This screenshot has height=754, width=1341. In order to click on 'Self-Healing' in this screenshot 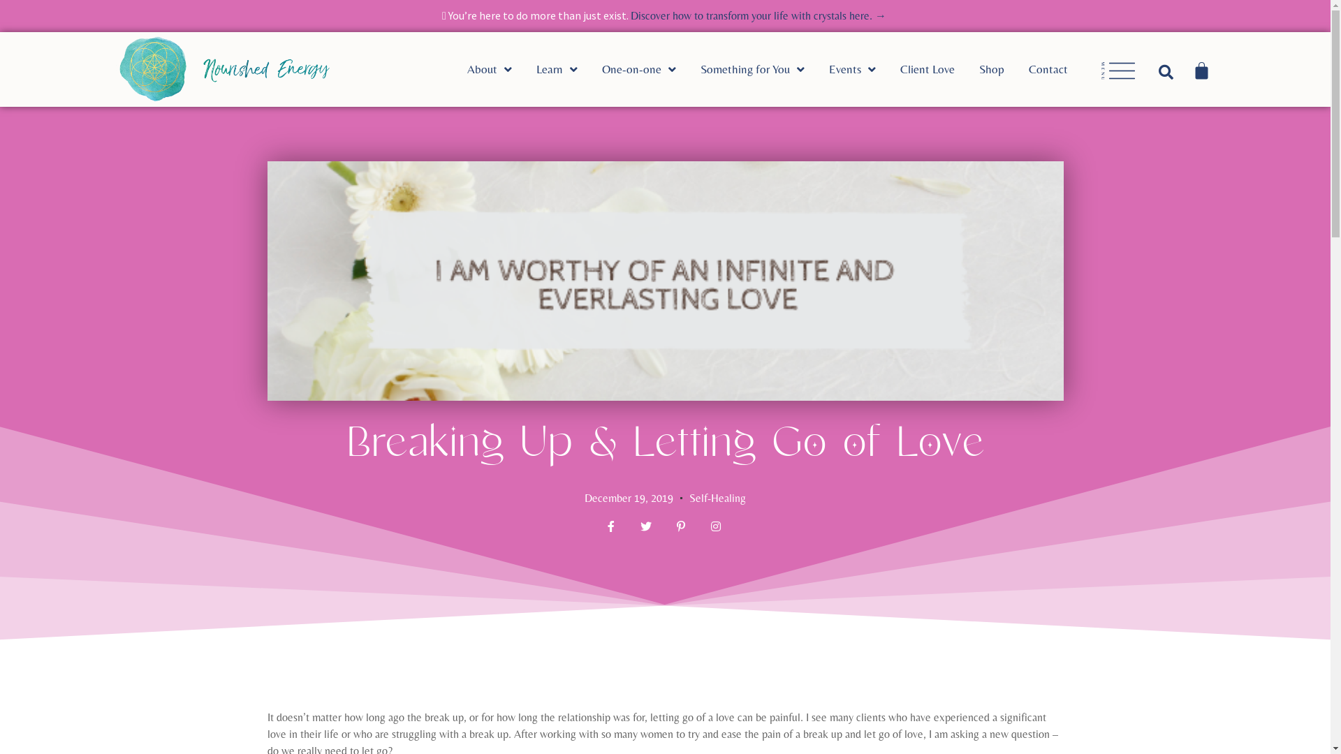, I will do `click(717, 497)`.